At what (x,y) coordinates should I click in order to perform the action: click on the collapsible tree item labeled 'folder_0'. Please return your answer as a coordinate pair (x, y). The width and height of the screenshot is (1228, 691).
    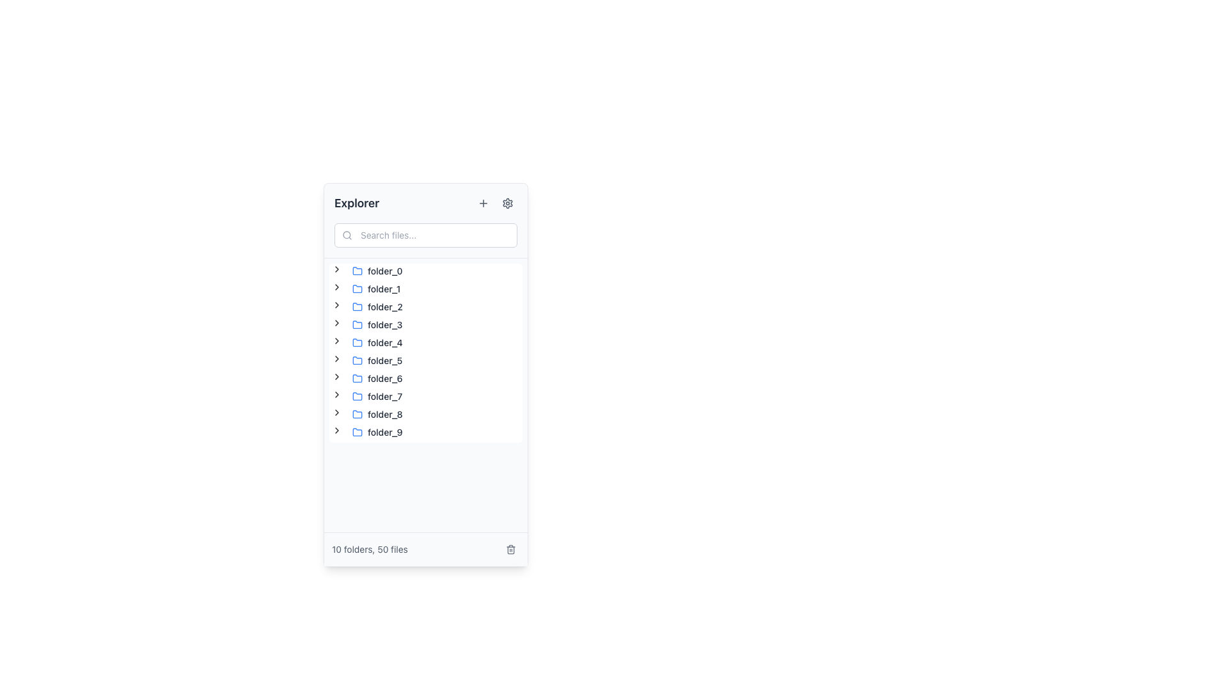
    Looking at the image, I should click on (368, 271).